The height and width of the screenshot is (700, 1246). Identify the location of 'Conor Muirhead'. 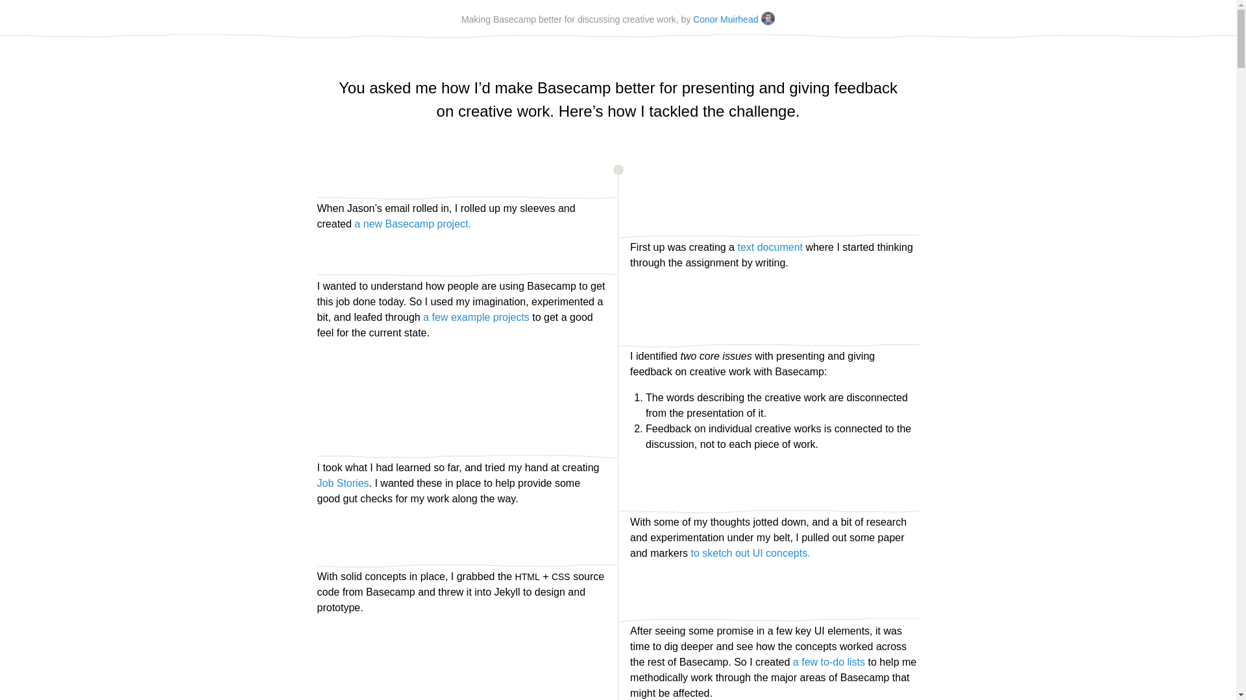
(734, 19).